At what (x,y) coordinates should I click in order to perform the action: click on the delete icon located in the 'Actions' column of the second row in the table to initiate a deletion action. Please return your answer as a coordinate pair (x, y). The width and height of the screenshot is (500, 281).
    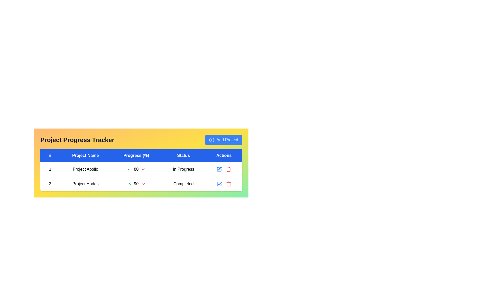
    Looking at the image, I should click on (229, 169).